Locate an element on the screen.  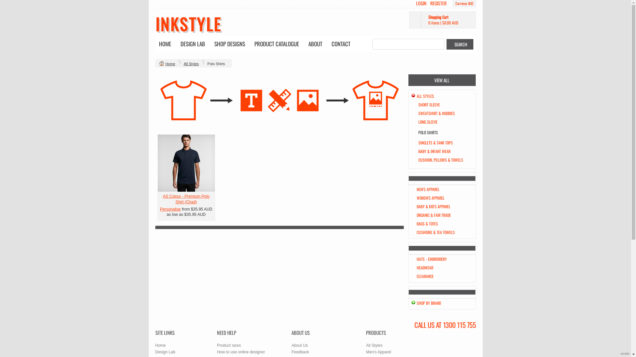
'BABY & INFANT WEAR' is located at coordinates (434, 151).